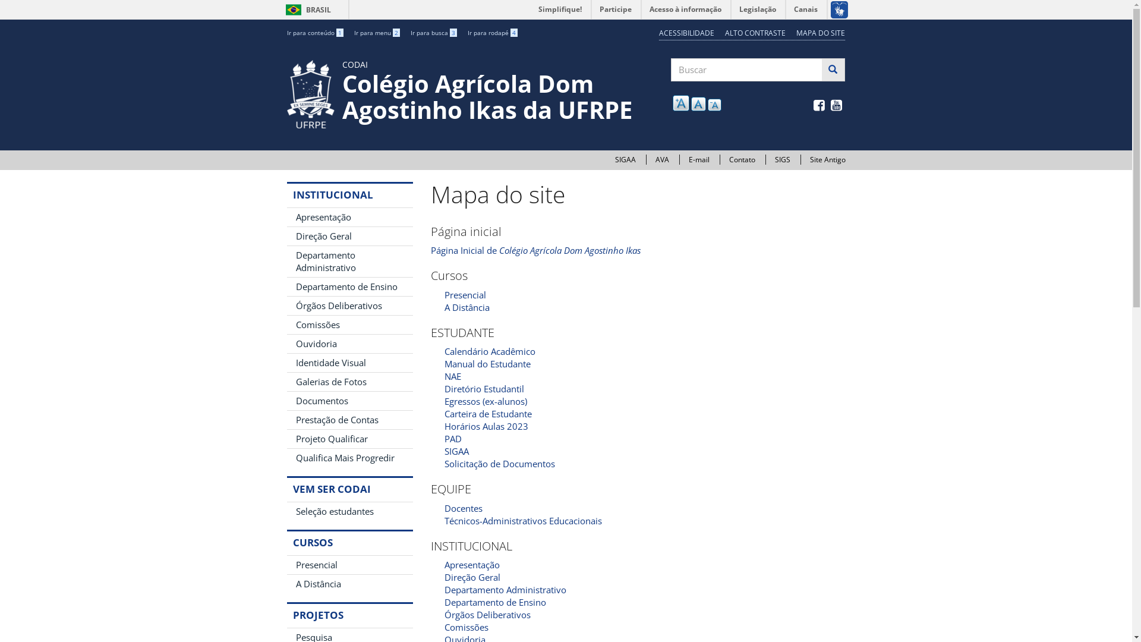  I want to click on 'A', so click(714, 104).